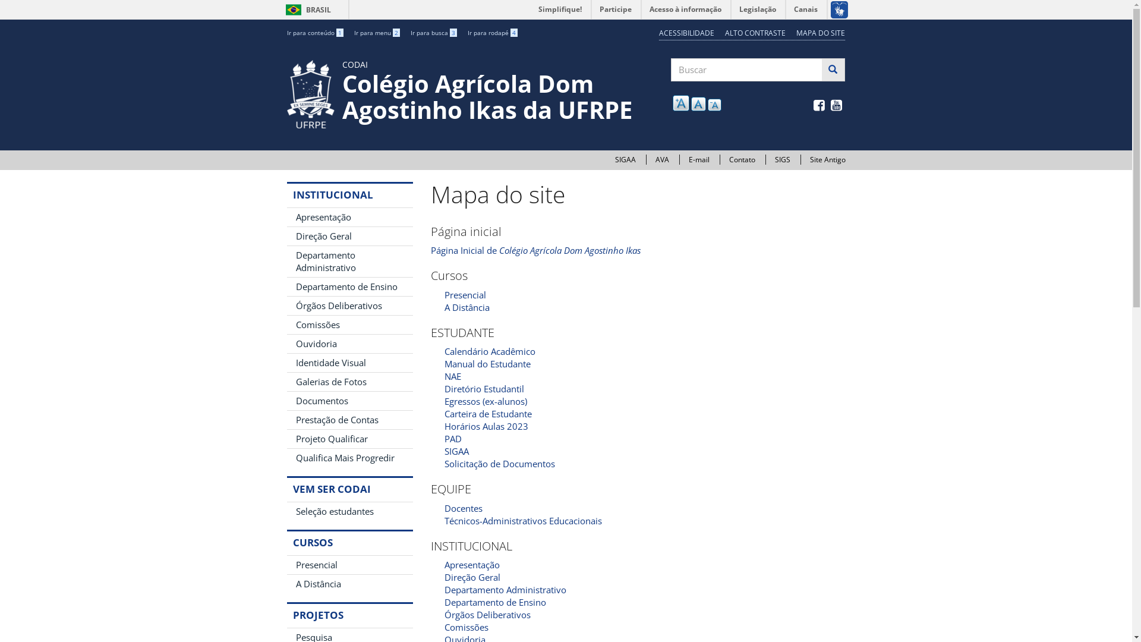  I want to click on 'A', so click(714, 104).